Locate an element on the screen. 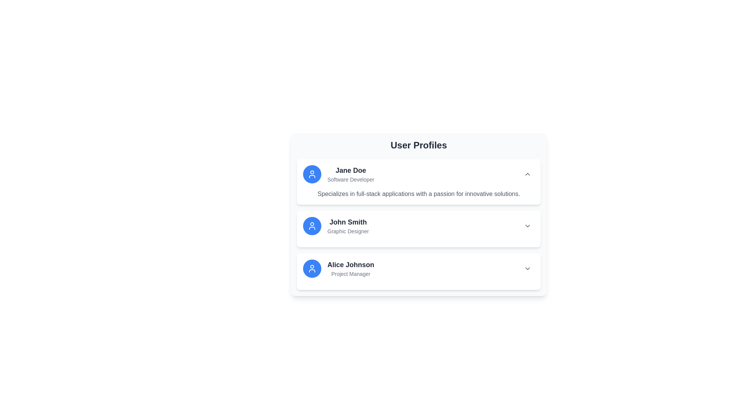 This screenshot has height=411, width=731. the upward-pointing chevron icon located in the top-right corner of the first profile card in the 'User Profiles' section, adjacent to the name 'Jane Doe' is located at coordinates (527, 174).